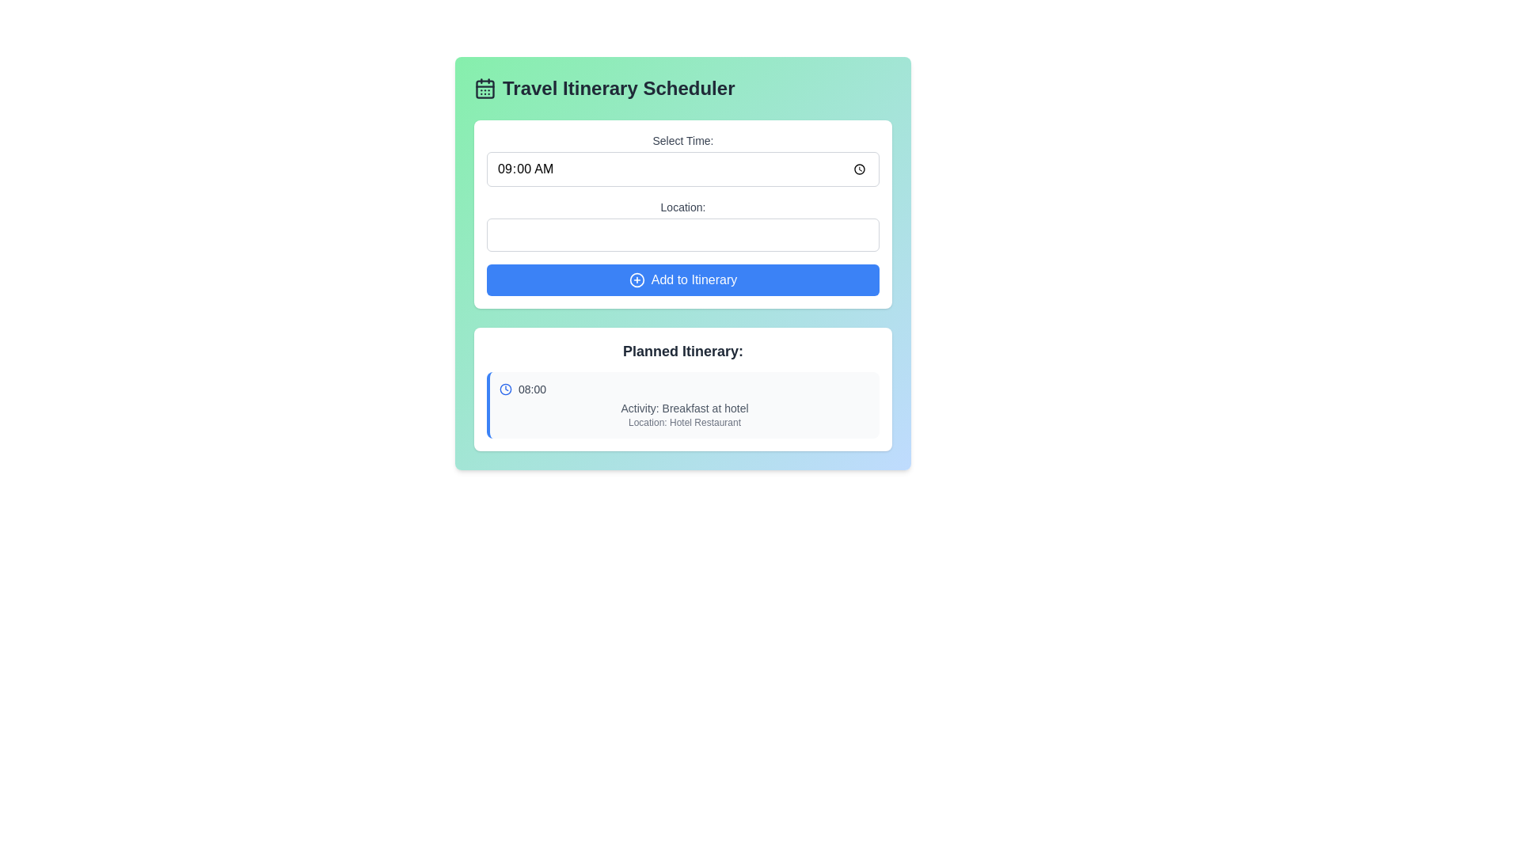 The width and height of the screenshot is (1520, 855). Describe the element at coordinates (504, 389) in the screenshot. I see `the circular clock icon with a blue outline located to the left of the text '08:00'` at that location.